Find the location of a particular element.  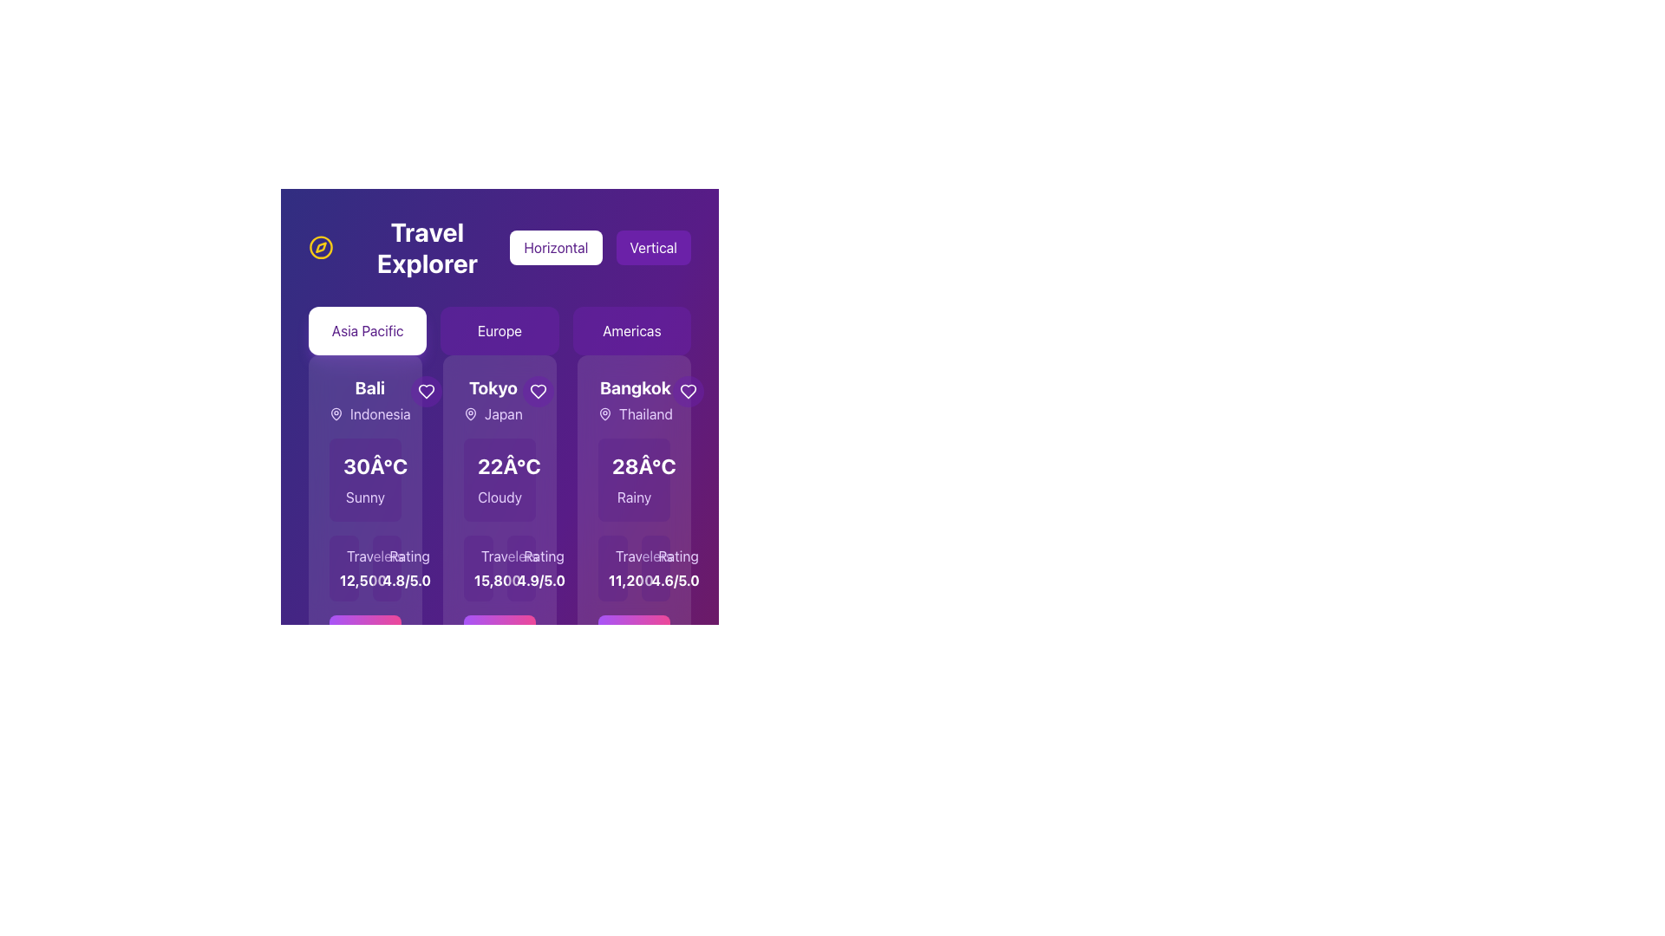

the text label indicating the 'Asia Pacific' category under the 'Bali' subsection, located at the bottom-left of the main interface is located at coordinates (343, 556).